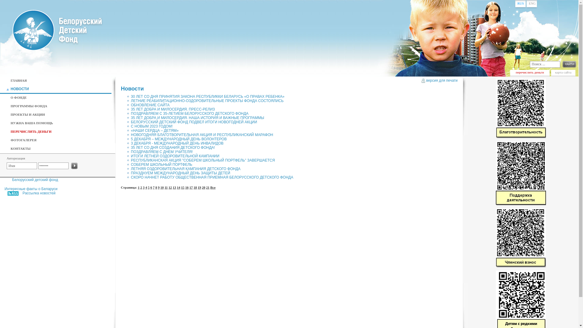 Image resolution: width=583 pixels, height=328 pixels. Describe the element at coordinates (170, 186) in the screenshot. I see `'12'` at that location.